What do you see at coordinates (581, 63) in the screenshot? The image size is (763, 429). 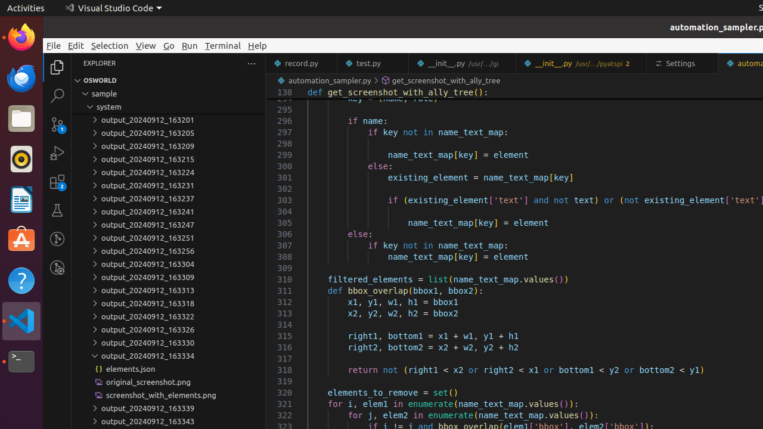 I see `'__init__.py'` at bounding box center [581, 63].